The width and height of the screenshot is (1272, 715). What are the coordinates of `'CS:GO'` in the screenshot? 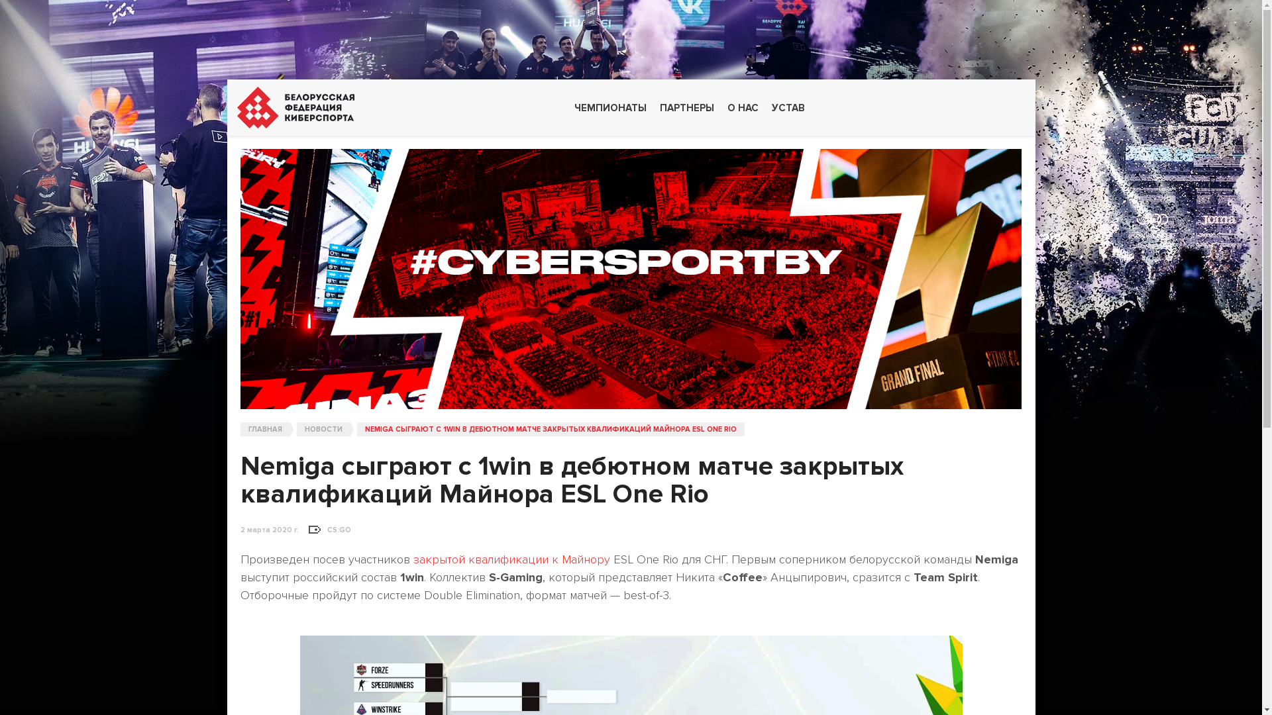 It's located at (339, 530).